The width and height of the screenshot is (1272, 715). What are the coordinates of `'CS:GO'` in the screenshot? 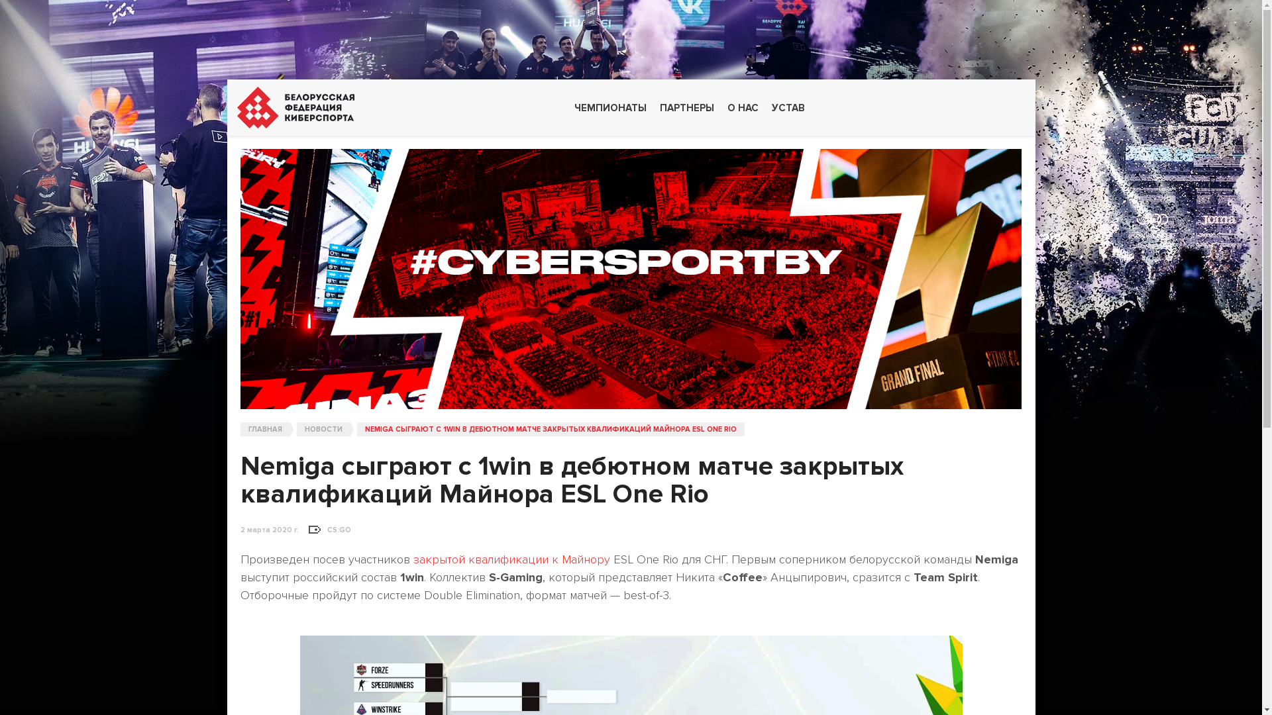 It's located at (339, 530).